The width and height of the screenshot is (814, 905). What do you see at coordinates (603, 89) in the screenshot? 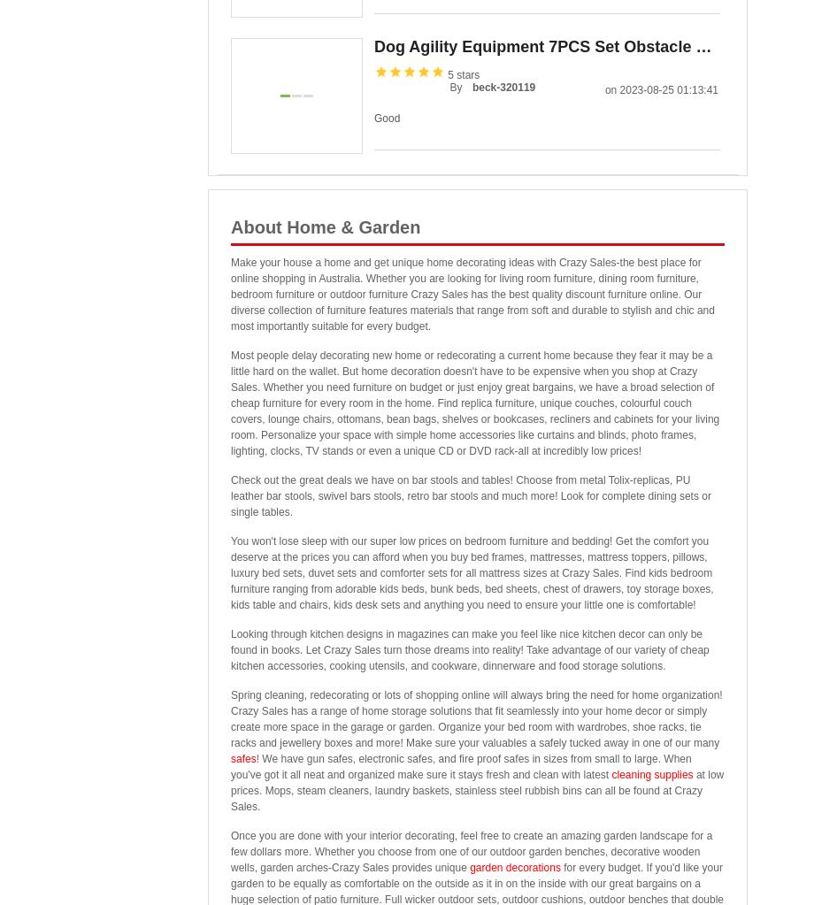
I see `'on 2023-08-25 01:13:41'` at bounding box center [603, 89].